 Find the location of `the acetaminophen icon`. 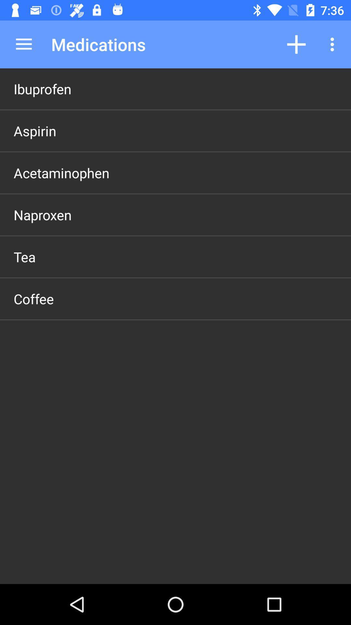

the acetaminophen icon is located at coordinates (61, 173).